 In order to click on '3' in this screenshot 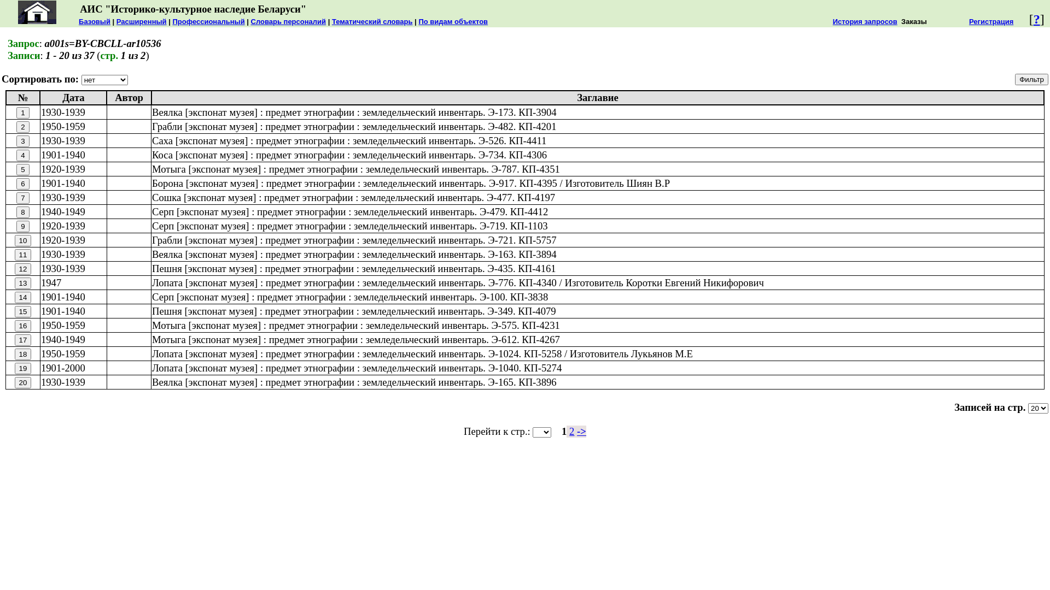, I will do `click(22, 140)`.